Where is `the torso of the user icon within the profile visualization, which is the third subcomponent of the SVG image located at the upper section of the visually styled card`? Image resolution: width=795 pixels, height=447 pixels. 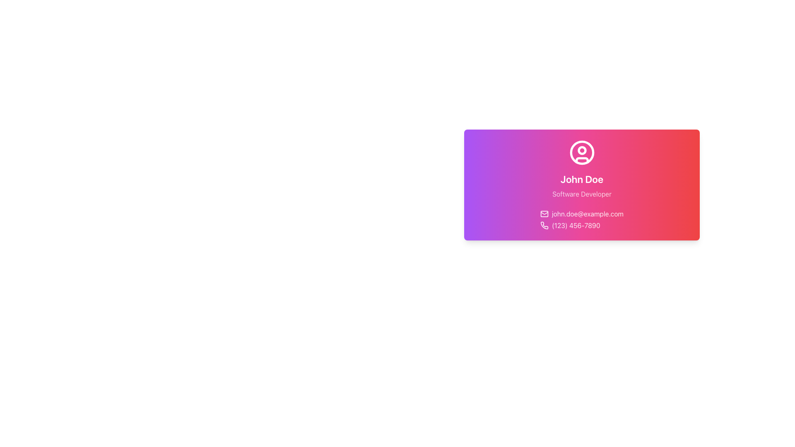 the torso of the user icon within the profile visualization, which is the third subcomponent of the SVG image located at the upper section of the visually styled card is located at coordinates (581, 160).